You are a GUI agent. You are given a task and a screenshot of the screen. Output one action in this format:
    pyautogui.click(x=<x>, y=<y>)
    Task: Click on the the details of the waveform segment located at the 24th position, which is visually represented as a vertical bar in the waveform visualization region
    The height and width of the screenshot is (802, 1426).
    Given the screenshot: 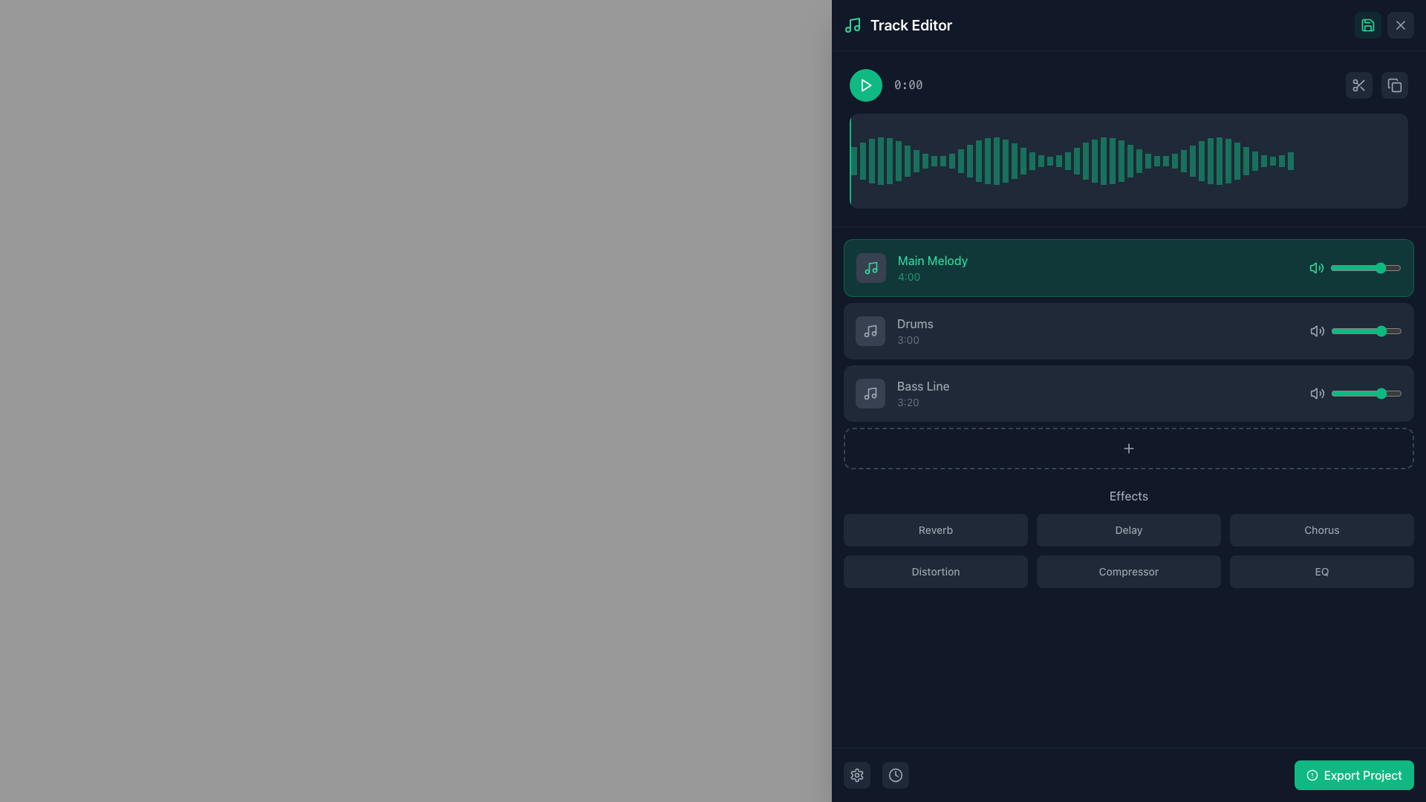 What is the action you would take?
    pyautogui.click(x=1049, y=160)
    